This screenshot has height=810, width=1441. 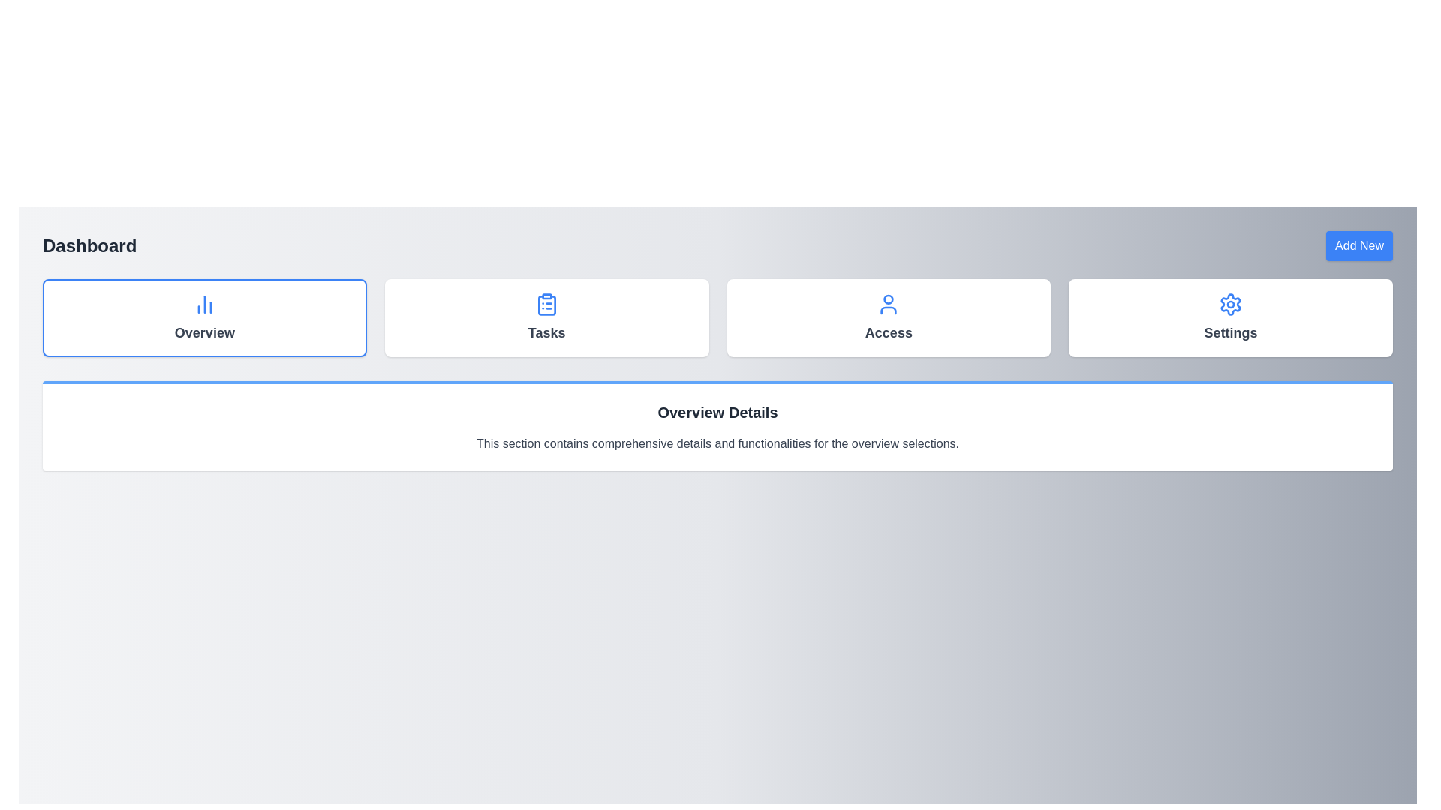 I want to click on the 'Settings' text label located at the bottom of the interactive card on the far right of the top section, which is the fourth card in a series of four options, so click(x=1231, y=331).